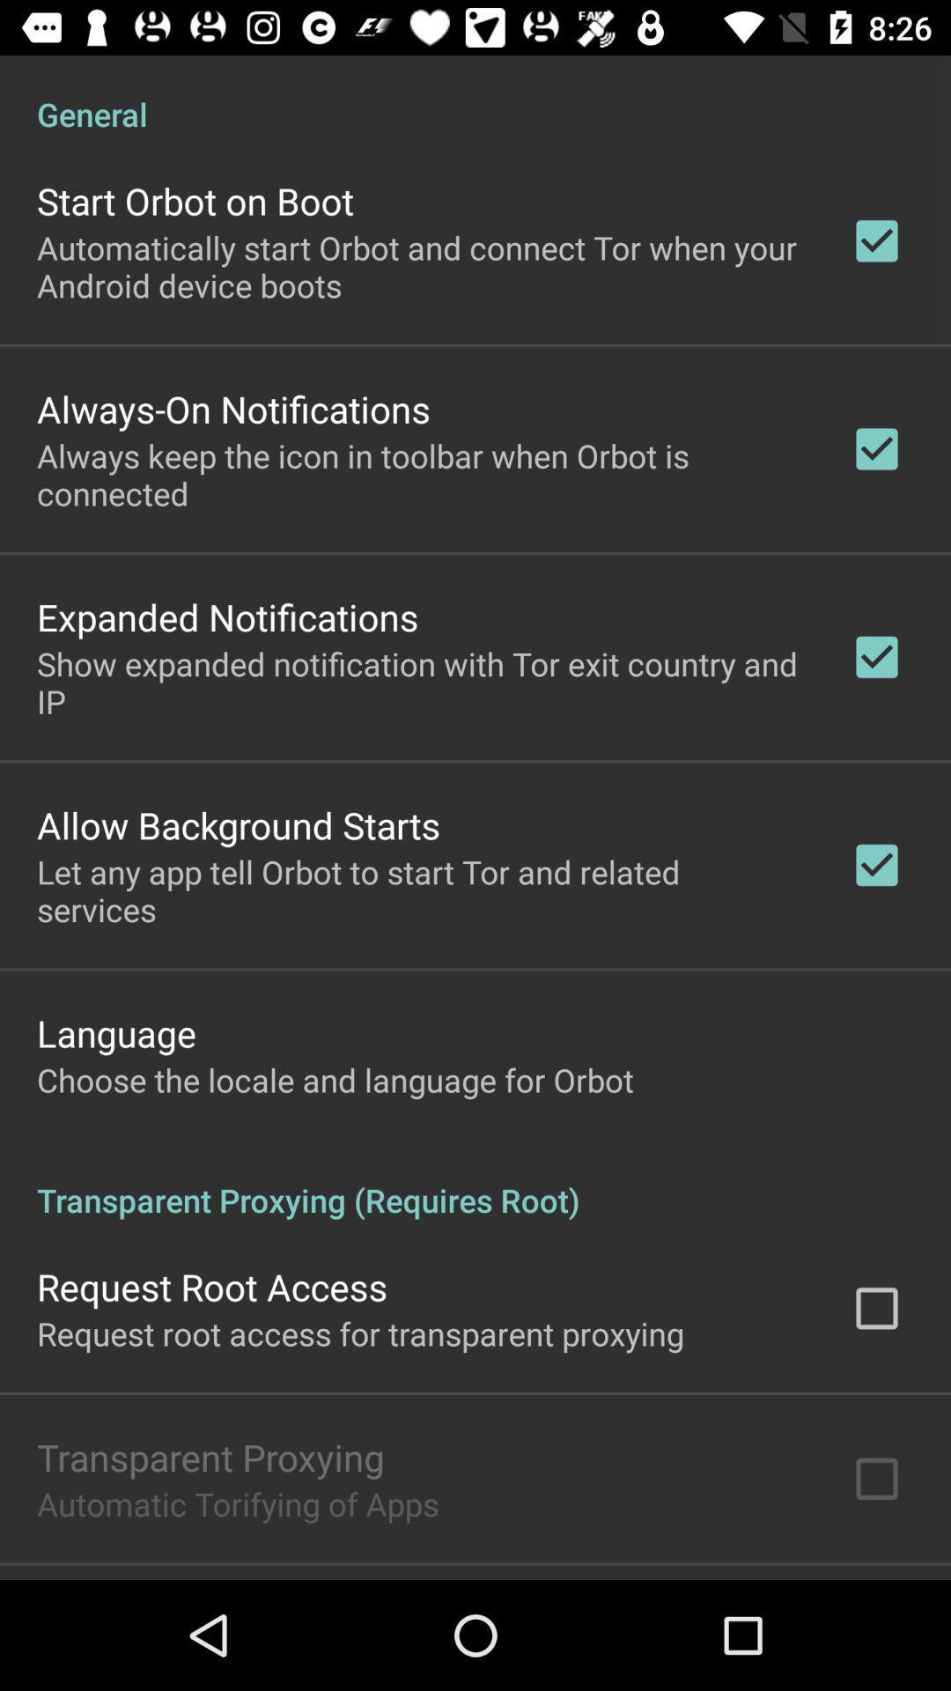 The image size is (951, 1691). What do you see at coordinates (232, 408) in the screenshot?
I see `icon above always keep the icon` at bounding box center [232, 408].